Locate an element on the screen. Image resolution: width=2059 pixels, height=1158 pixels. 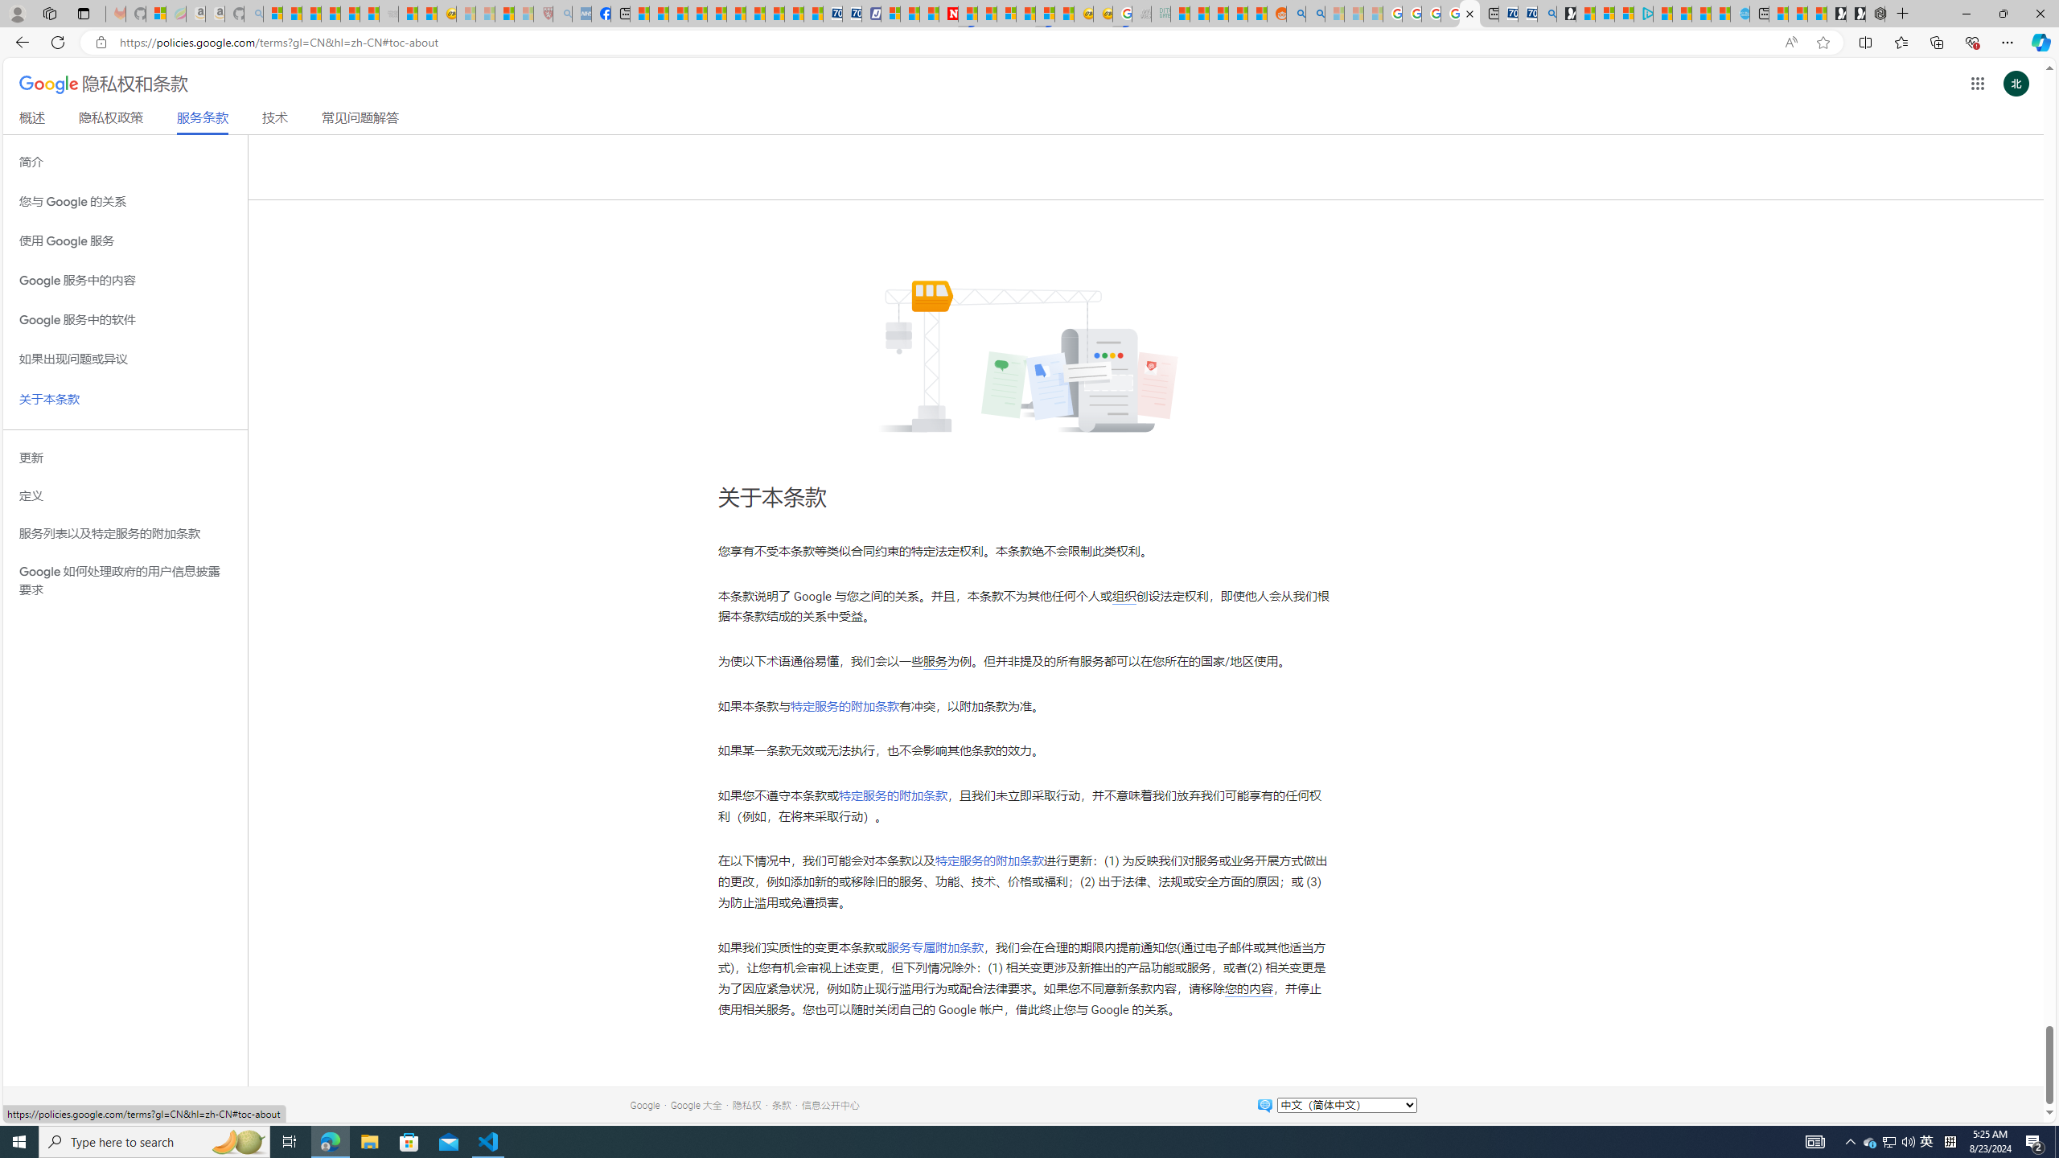
'Cheap Car Rentals - Save70.com' is located at coordinates (1527, 13).